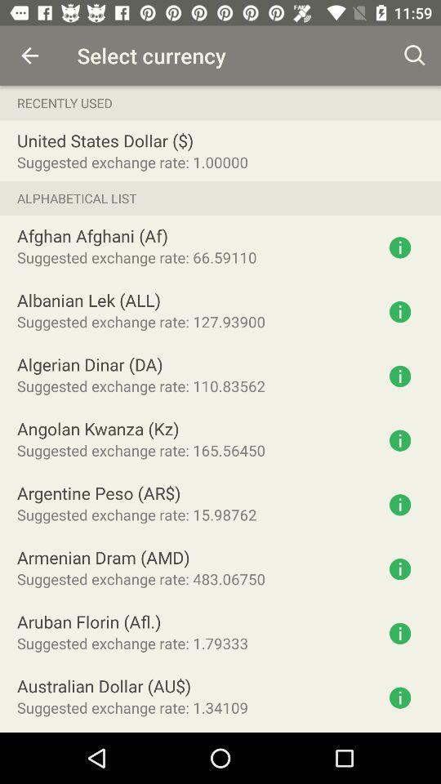 This screenshot has height=784, width=441. I want to click on information, so click(399, 311).